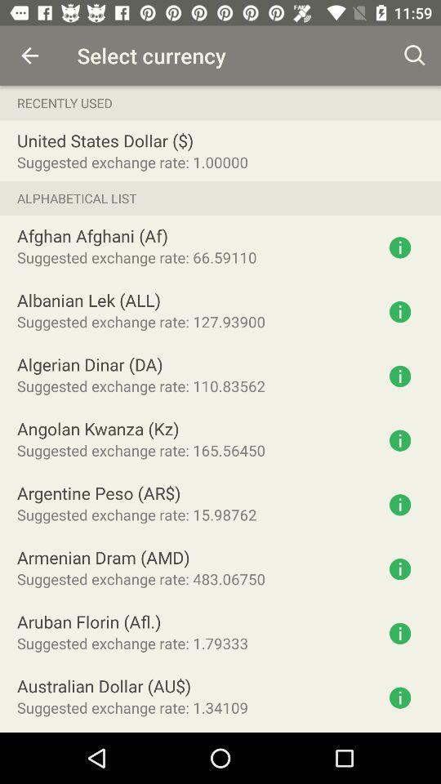 This screenshot has height=784, width=441. I want to click on information, so click(399, 311).